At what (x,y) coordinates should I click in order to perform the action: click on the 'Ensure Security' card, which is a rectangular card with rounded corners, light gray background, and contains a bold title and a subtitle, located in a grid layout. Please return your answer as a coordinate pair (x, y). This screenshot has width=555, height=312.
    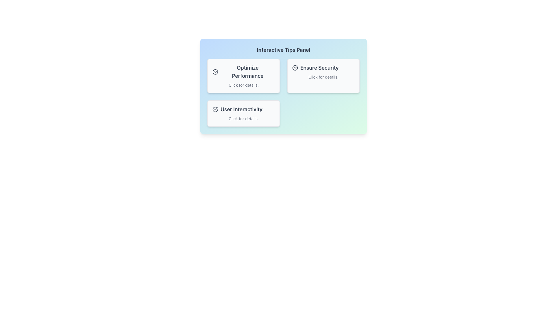
    Looking at the image, I should click on (323, 75).